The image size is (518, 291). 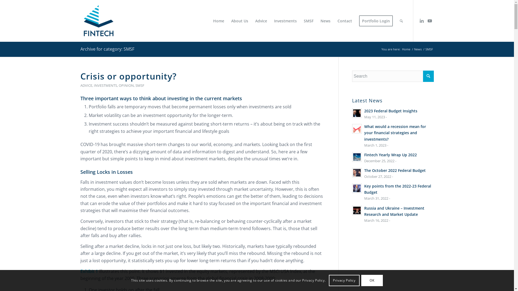 I want to click on 'Portfolio Login', so click(x=376, y=20).